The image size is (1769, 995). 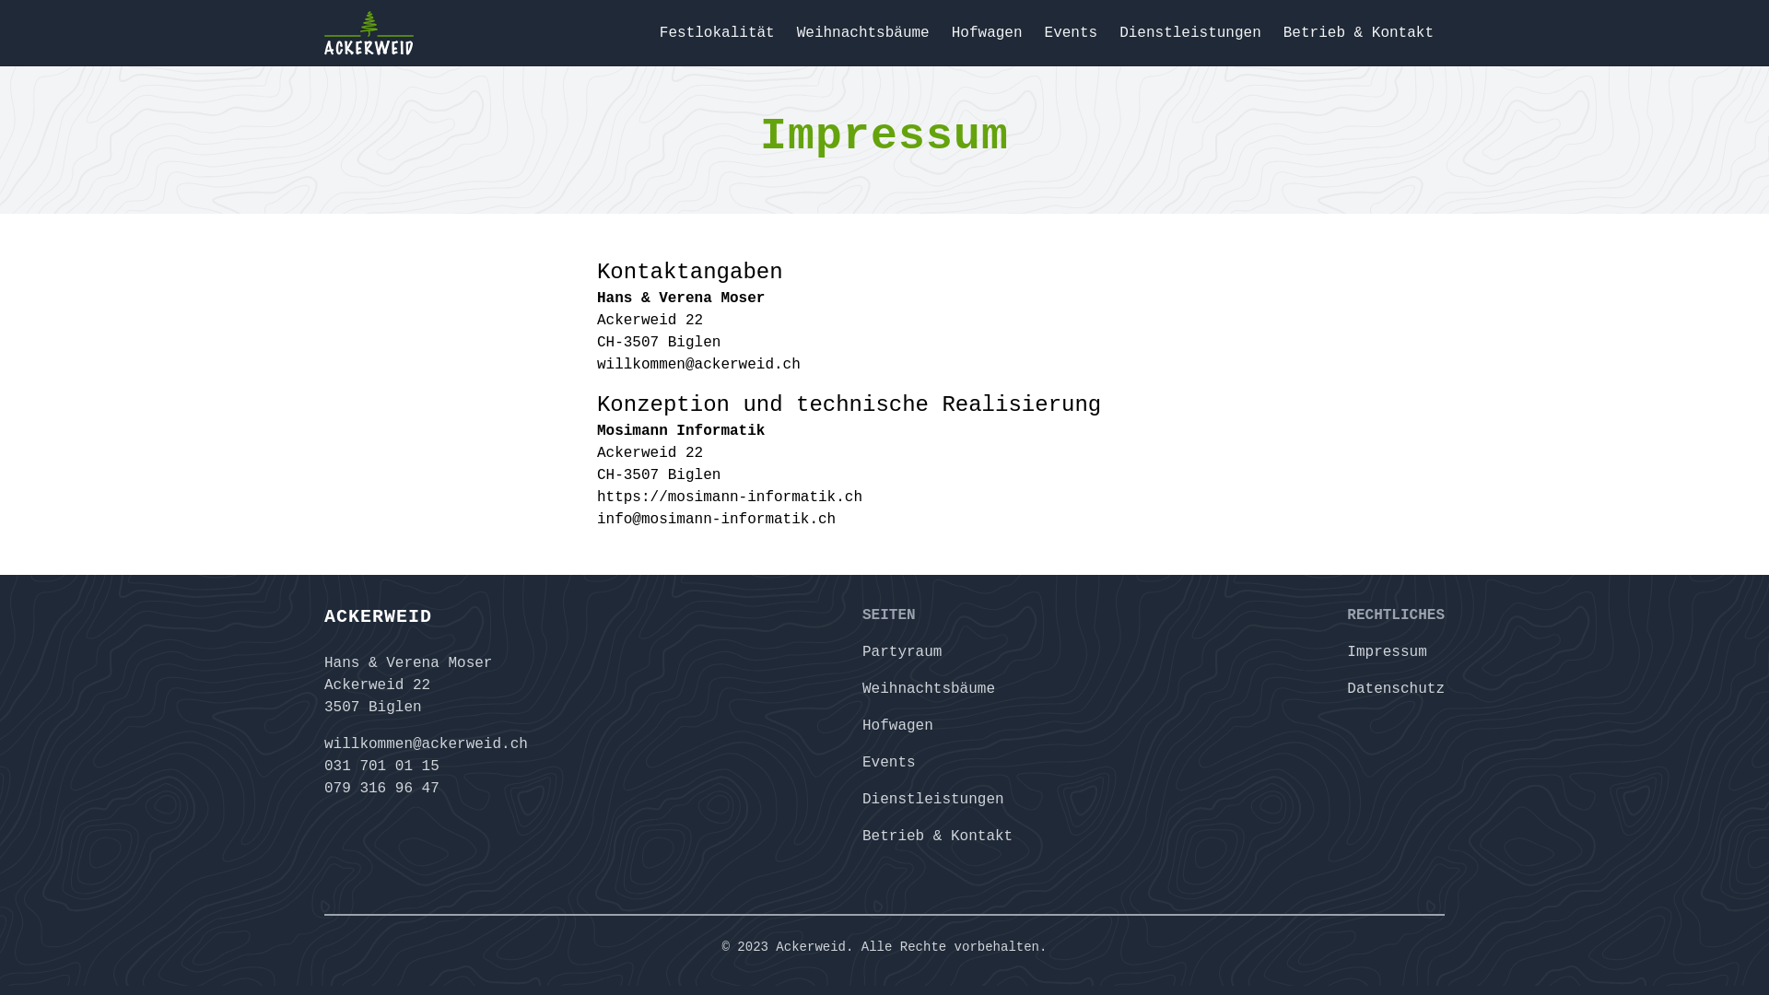 I want to click on 'Hofwagen', so click(x=897, y=724).